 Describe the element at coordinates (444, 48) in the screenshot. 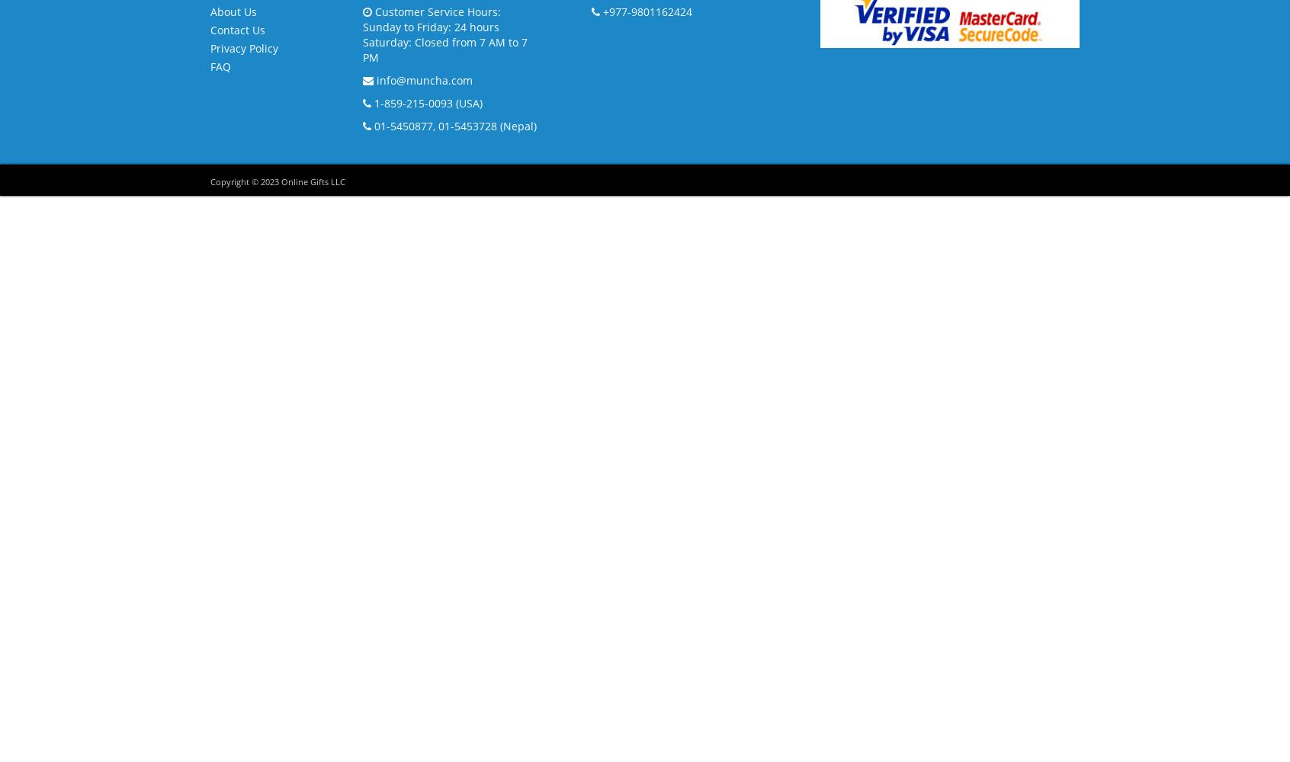

I see `'Saturday: Closed from 7 AM to 7 PM'` at that location.